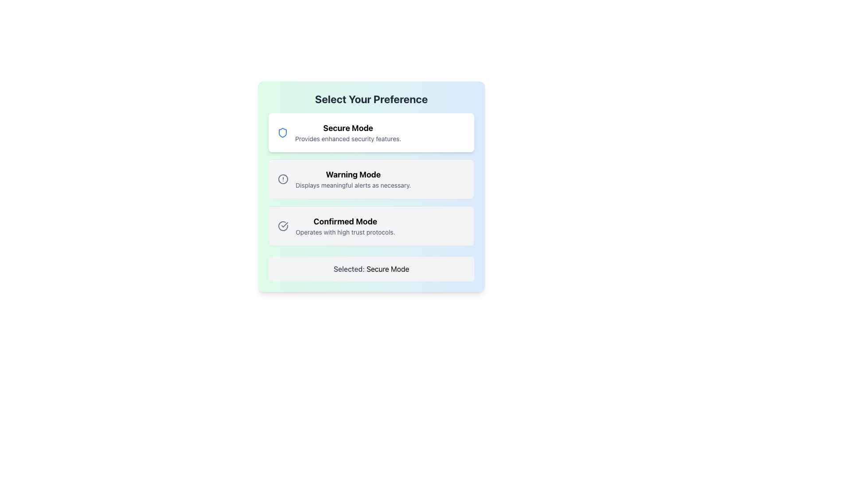 The width and height of the screenshot is (851, 478). I want to click on the text label that states 'Operates with high trust protocols.' located below the 'Confirmed Mode' title in the third option of the preference selections, so click(345, 231).